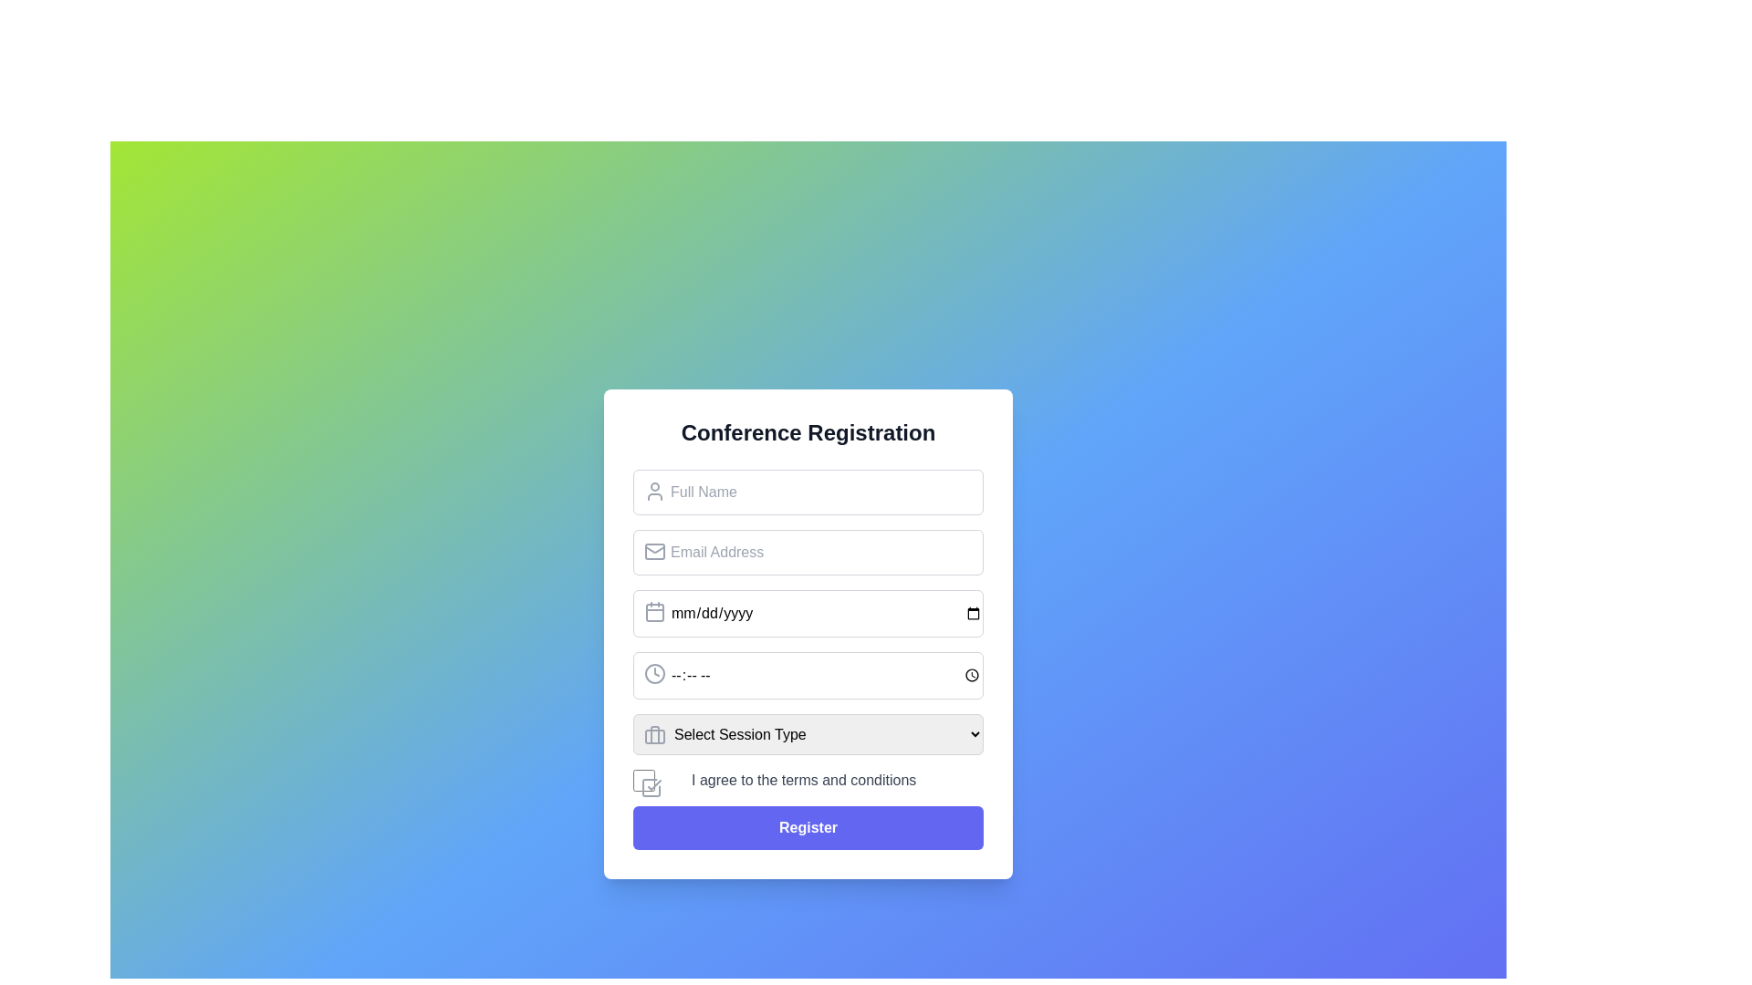 The height and width of the screenshot is (985, 1752). What do you see at coordinates (808, 675) in the screenshot?
I see `the Time input field for tooltip display, which is the fourth interactive element in the vertical form layout, located under the date input field and above the session type dropdown` at bounding box center [808, 675].